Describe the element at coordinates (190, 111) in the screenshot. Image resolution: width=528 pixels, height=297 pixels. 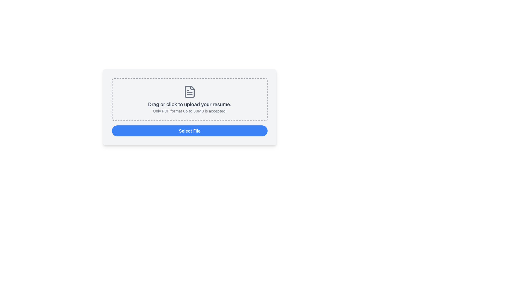
I see `the informational text that provides details on file upload requirements, positioned above the blue 'Select File' button` at that location.